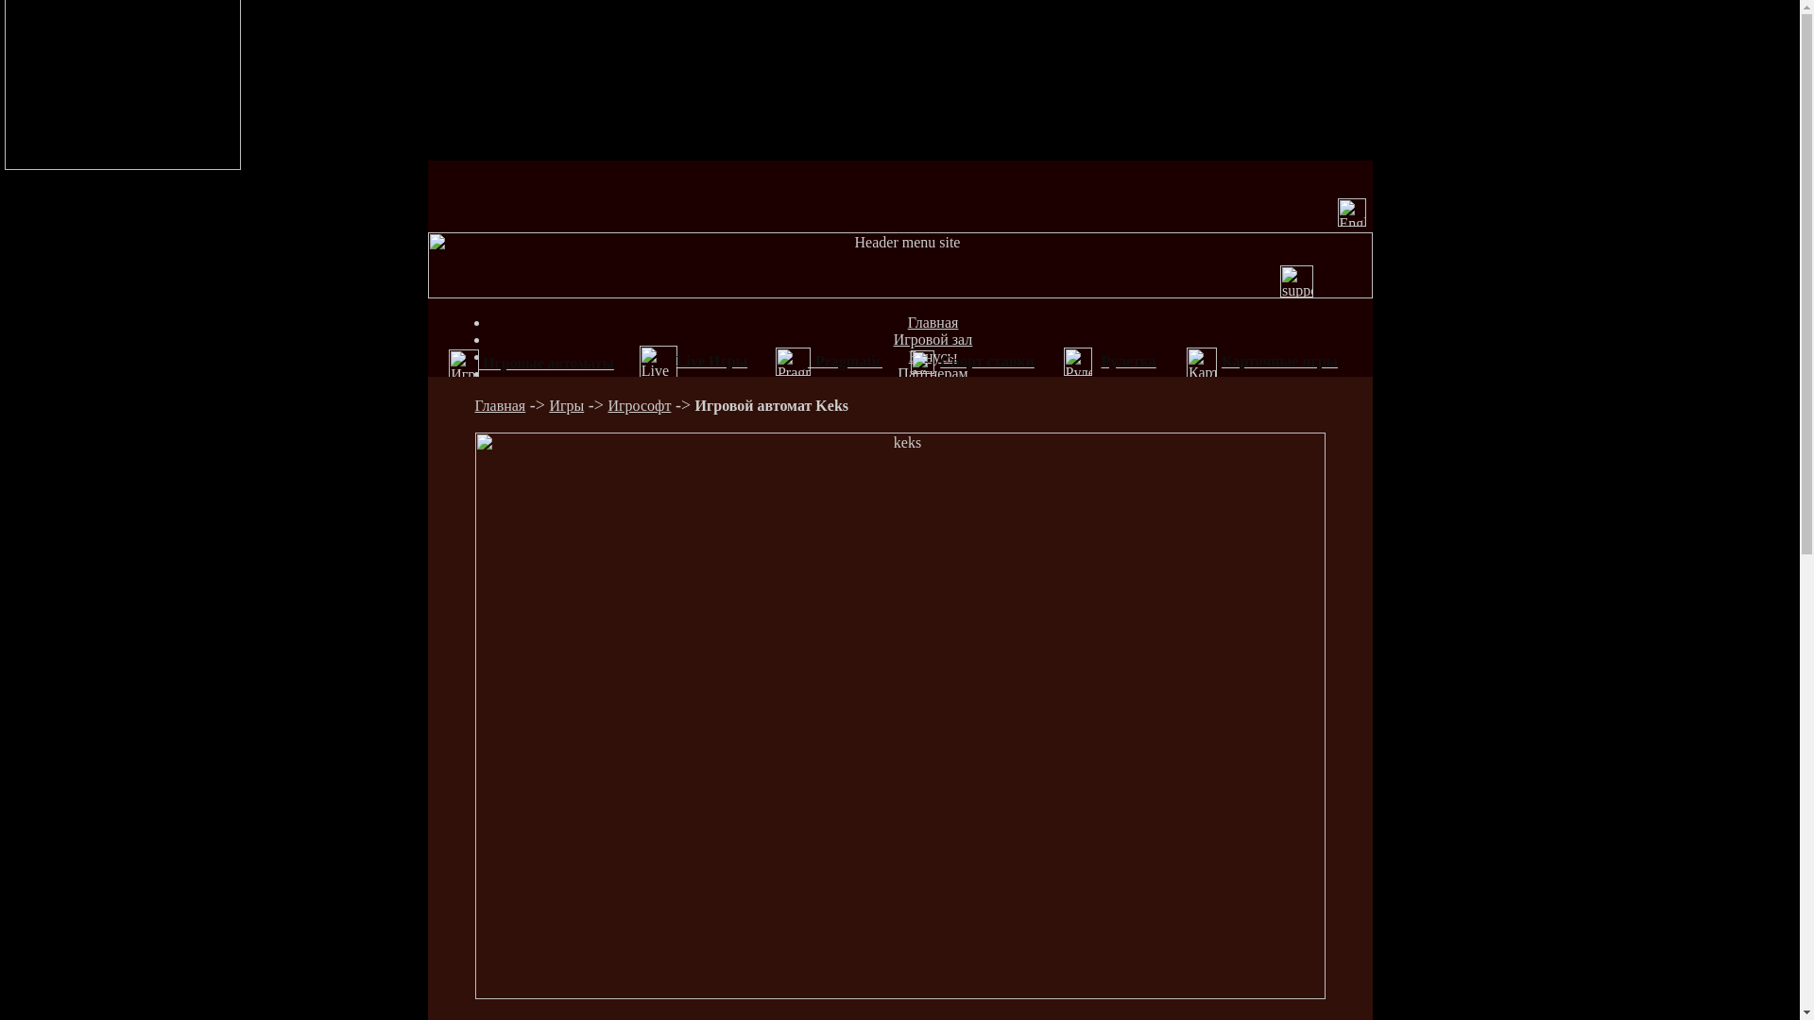  What do you see at coordinates (1279, 280) in the screenshot?
I see `'support team'` at bounding box center [1279, 280].